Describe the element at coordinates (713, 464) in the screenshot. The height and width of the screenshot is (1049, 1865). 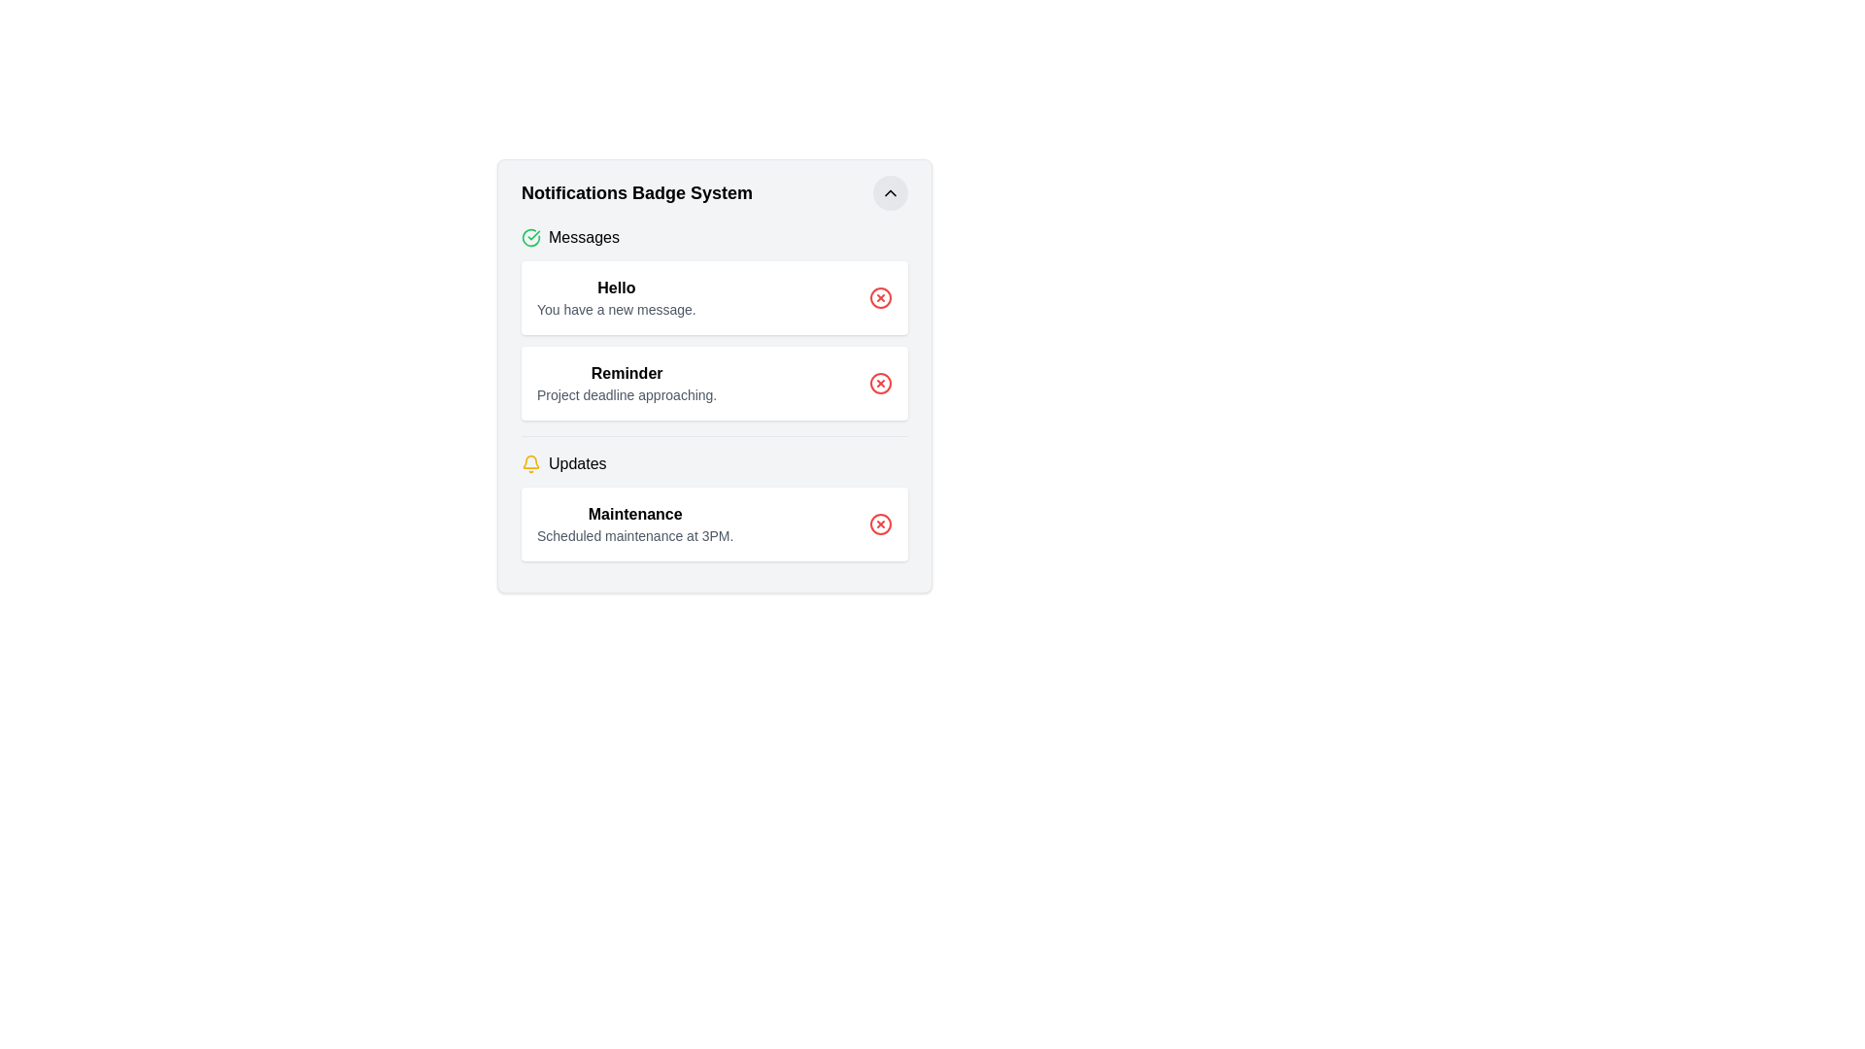
I see `the third notification item titled 'Updates' in the Notifications Badge System panel, which is located directly below the 'Reminder' notification and above the 'Maintenance' notification` at that location.